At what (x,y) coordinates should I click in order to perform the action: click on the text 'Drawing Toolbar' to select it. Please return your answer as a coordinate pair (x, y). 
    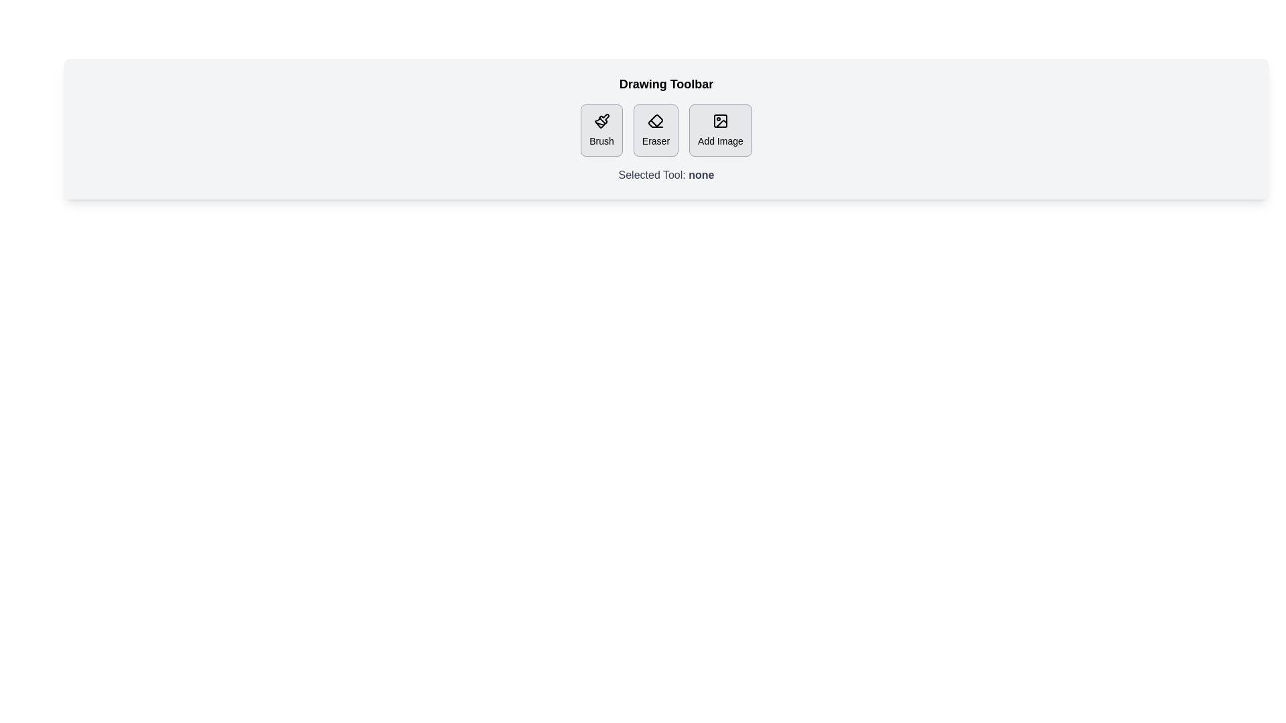
    Looking at the image, I should click on (666, 84).